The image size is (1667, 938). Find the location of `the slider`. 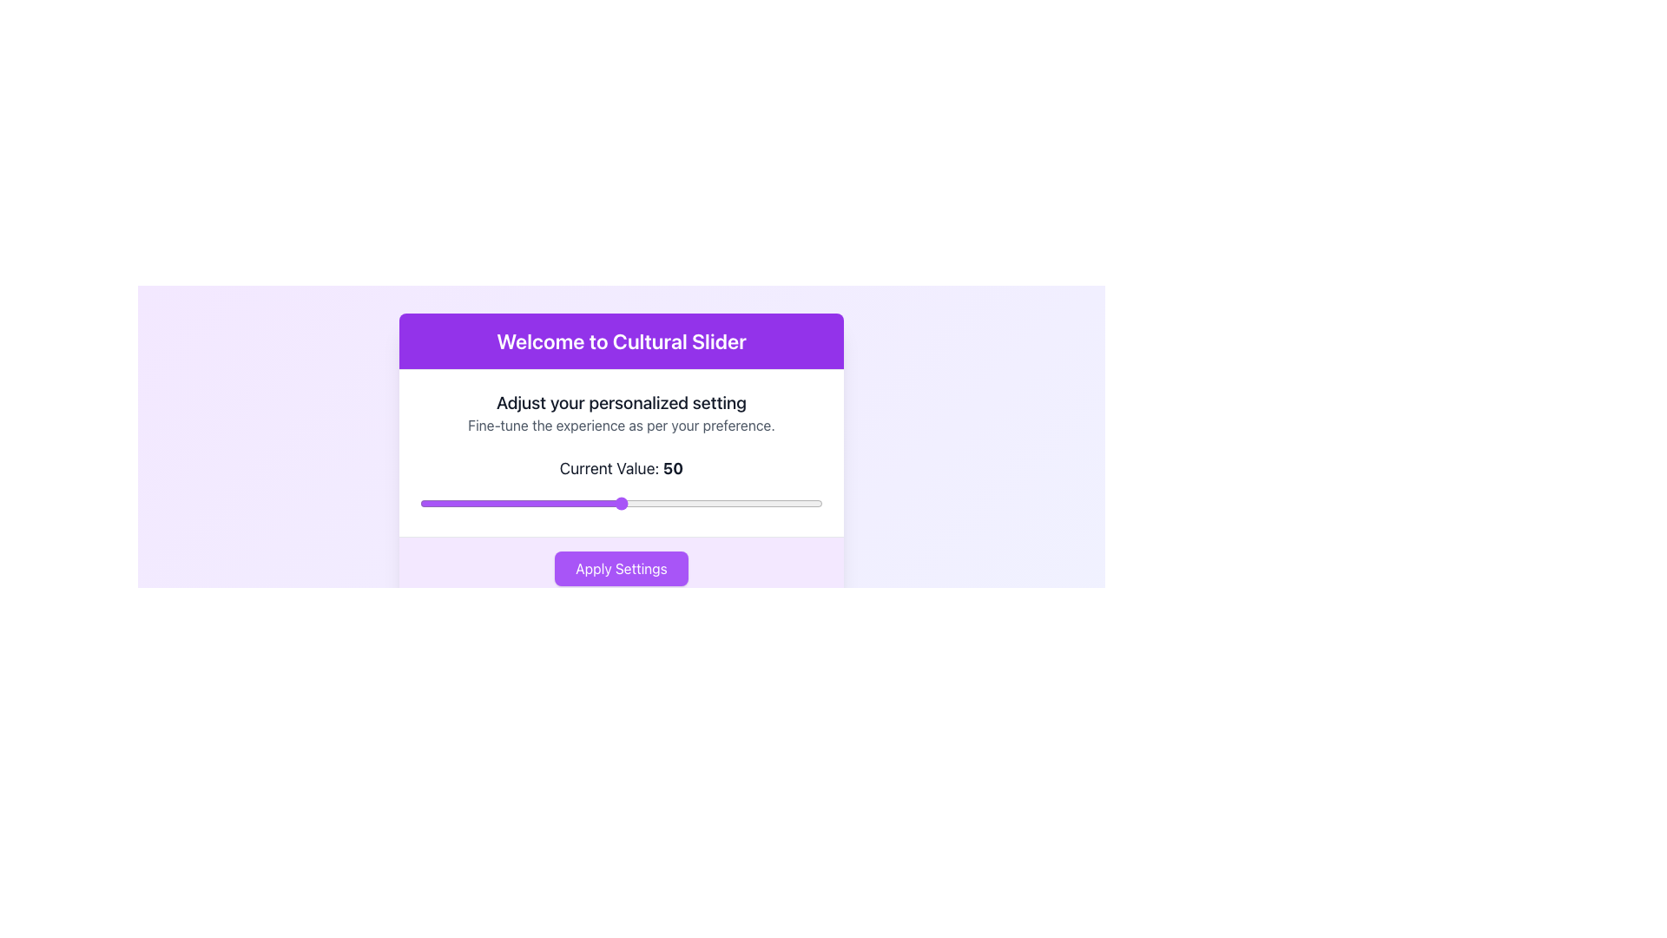

the slider is located at coordinates (448, 503).